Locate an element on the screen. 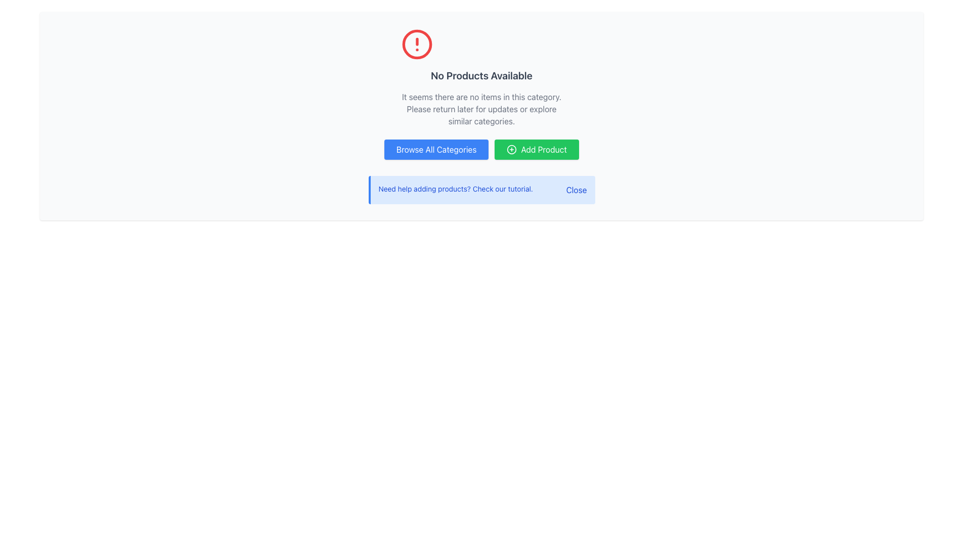 Image resolution: width=971 pixels, height=546 pixels. the informational link labeled 'Need help adding products? Check our tutorial.' is located at coordinates (455, 190).